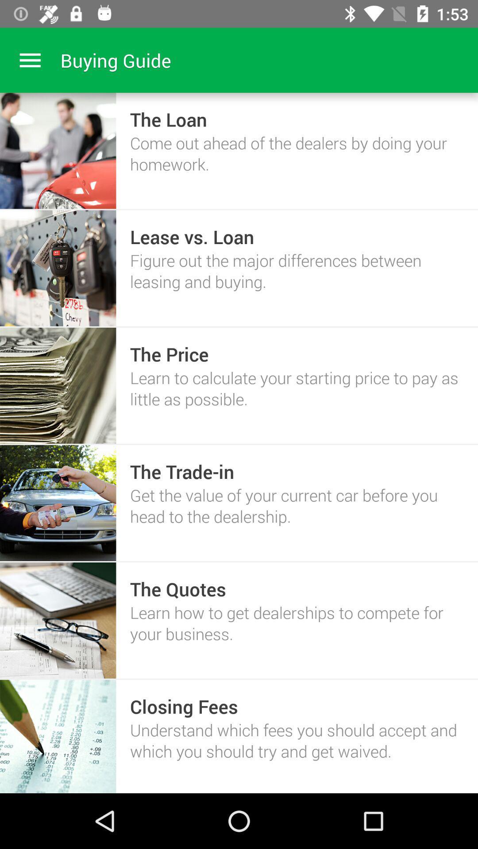  What do you see at coordinates (169, 354) in the screenshot?
I see `the price` at bounding box center [169, 354].